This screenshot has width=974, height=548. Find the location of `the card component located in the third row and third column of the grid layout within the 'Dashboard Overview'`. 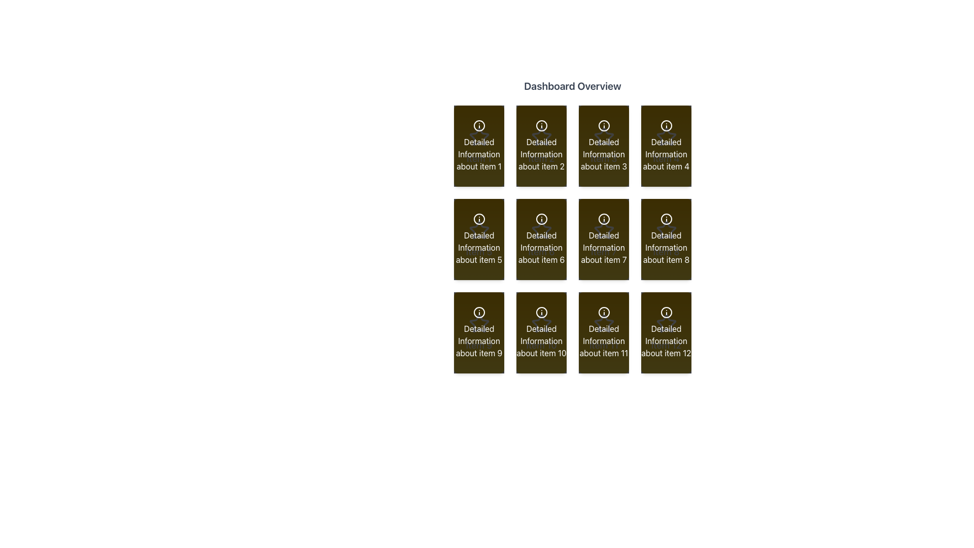

the card component located in the third row and third column of the grid layout within the 'Dashboard Overview' is located at coordinates (572, 239).